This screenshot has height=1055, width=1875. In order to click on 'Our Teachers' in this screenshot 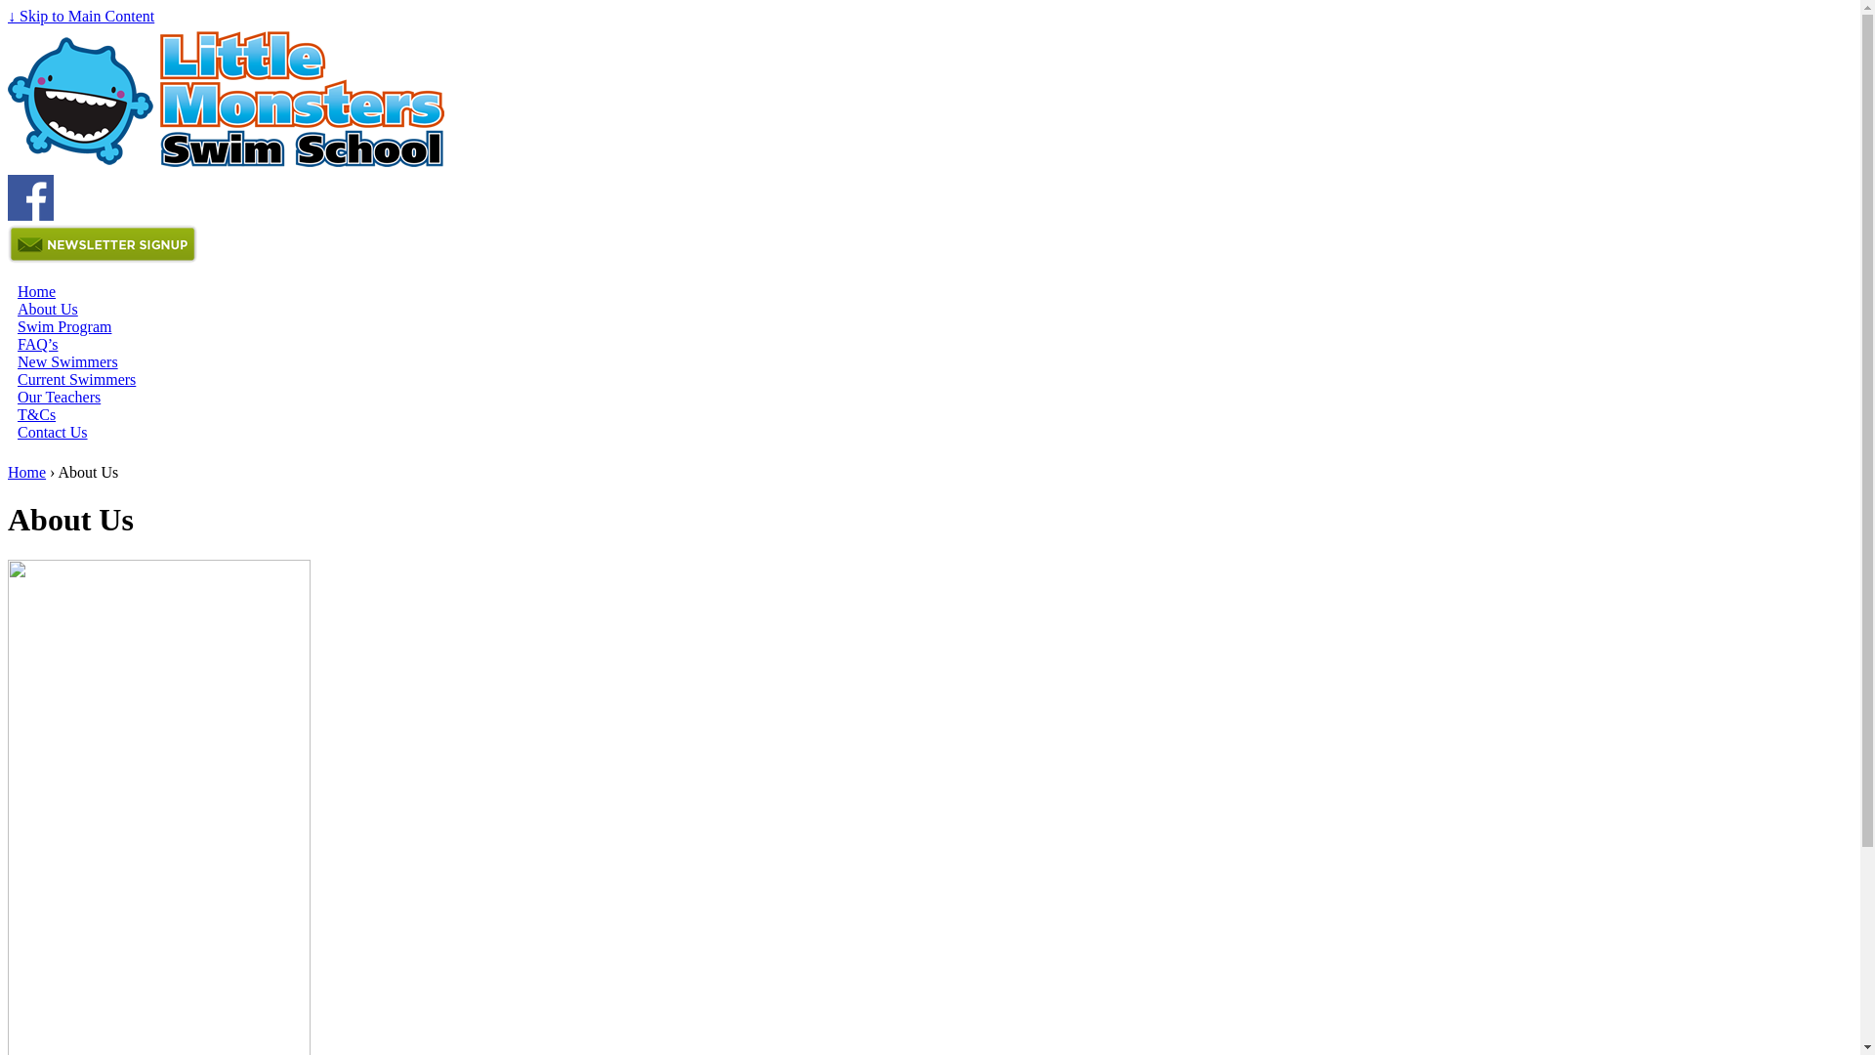, I will do `click(59, 396)`.